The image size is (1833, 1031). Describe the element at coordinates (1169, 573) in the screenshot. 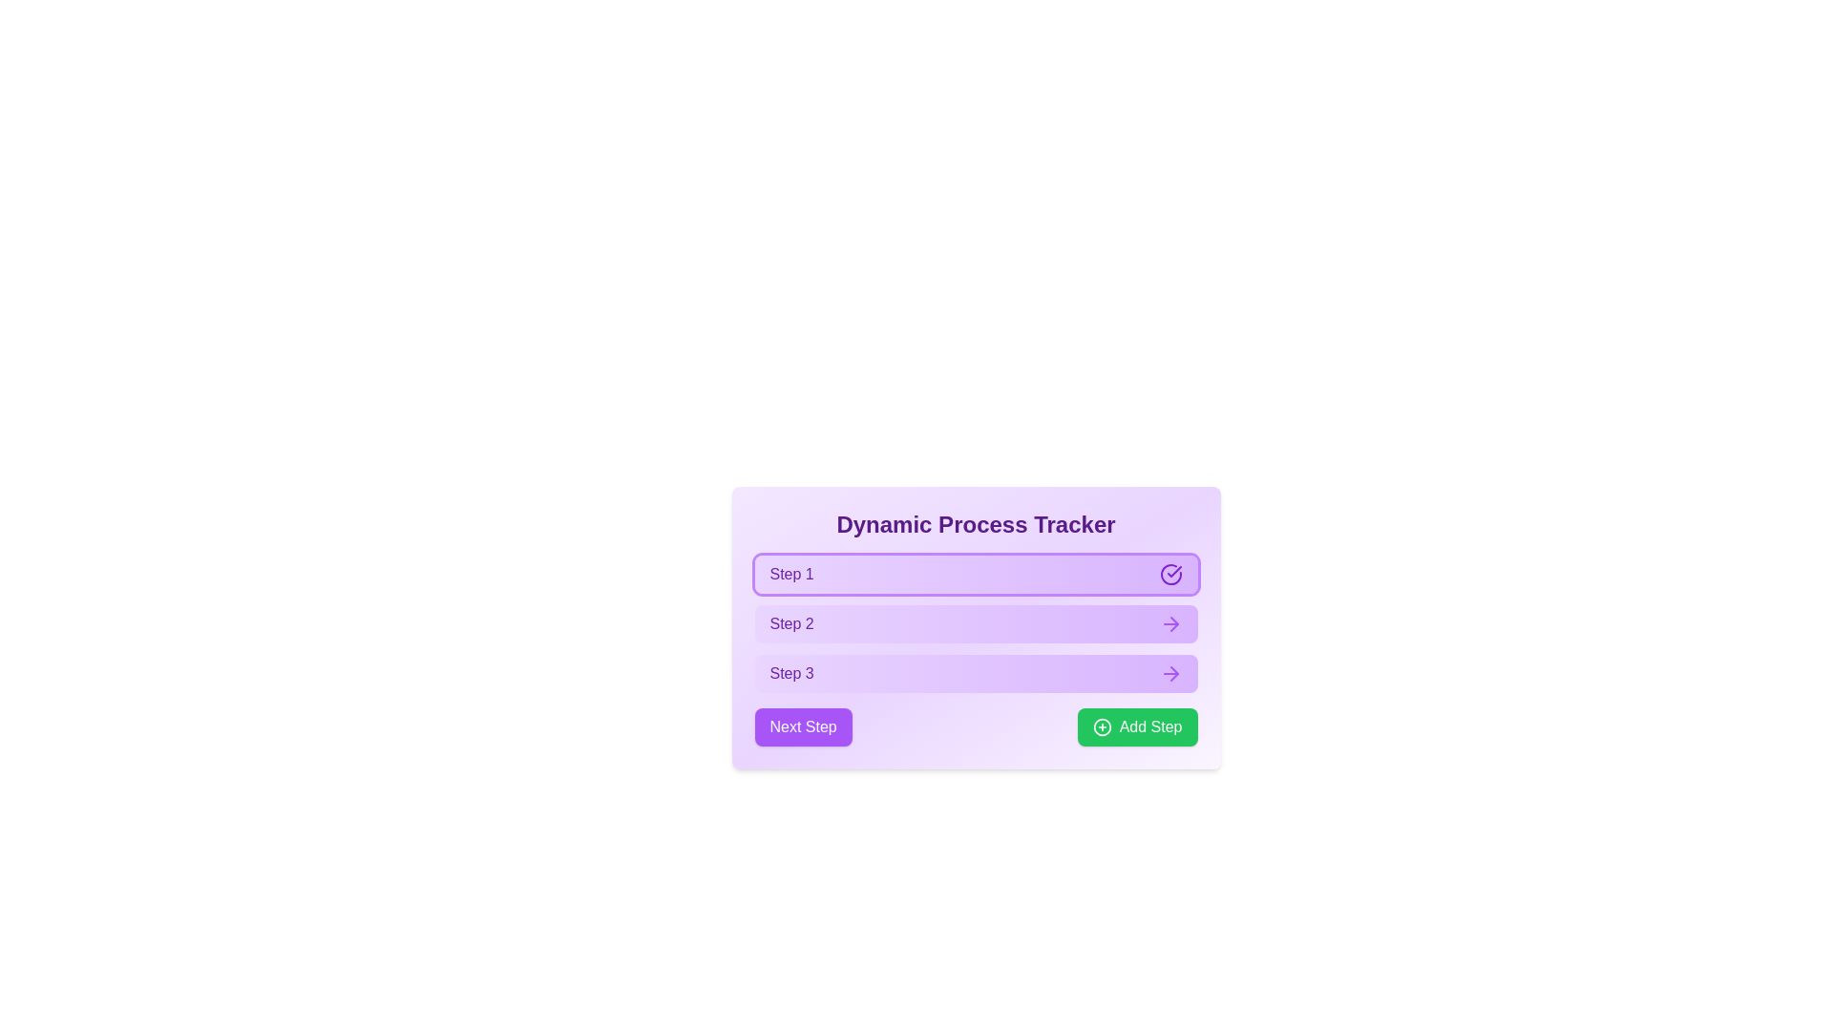

I see `the purple circular outline of the check mark icon within the SVG, located next to the 'Step 1' input field` at that location.